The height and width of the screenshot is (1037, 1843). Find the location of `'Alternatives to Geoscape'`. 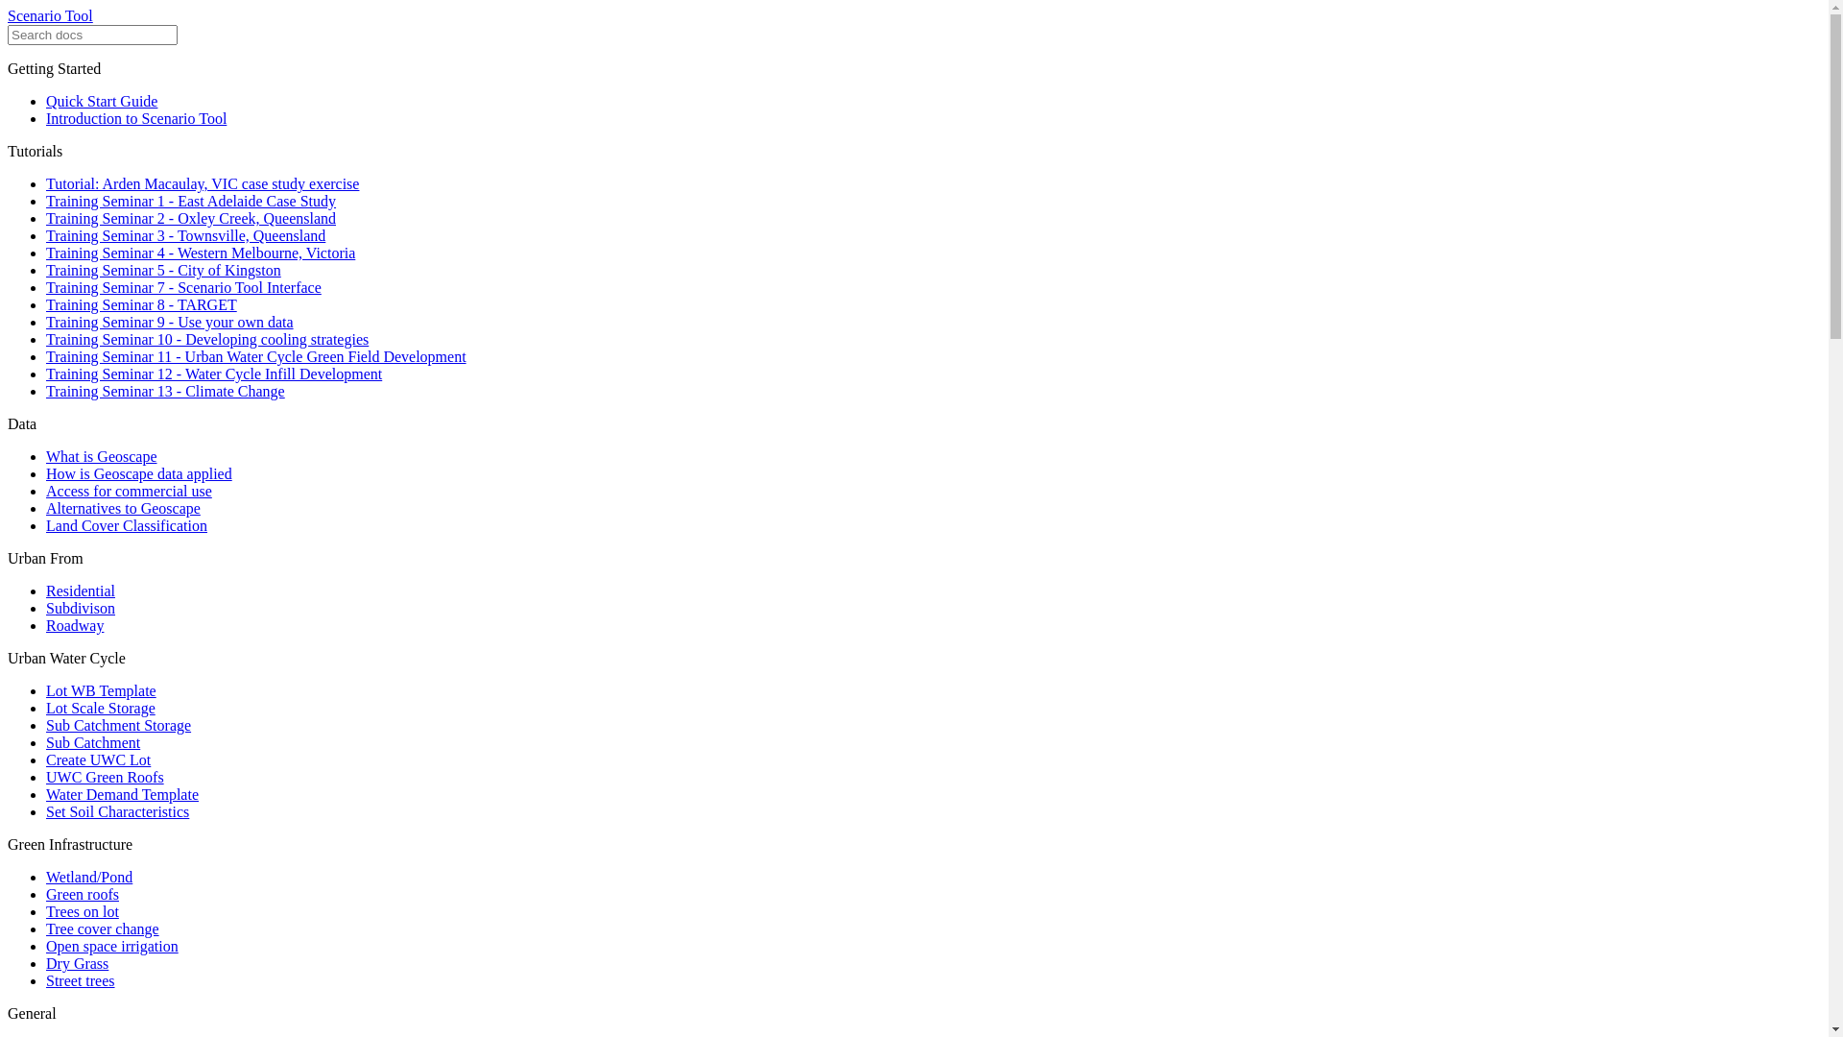

'Alternatives to Geoscape' is located at coordinates (122, 507).